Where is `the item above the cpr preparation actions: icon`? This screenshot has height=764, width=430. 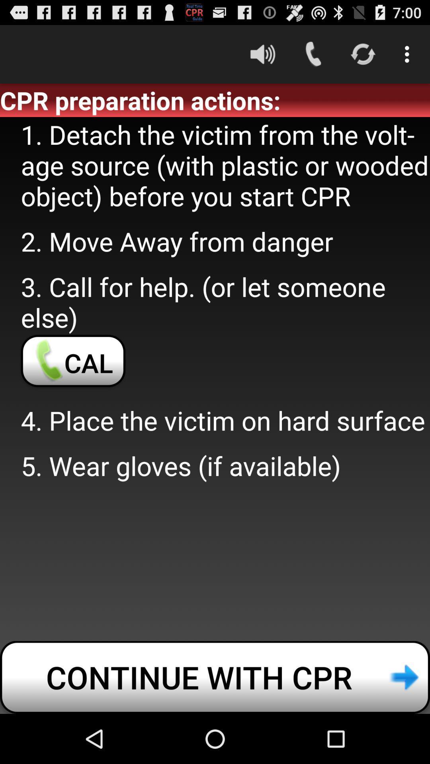 the item above the cpr preparation actions: icon is located at coordinates (262, 54).